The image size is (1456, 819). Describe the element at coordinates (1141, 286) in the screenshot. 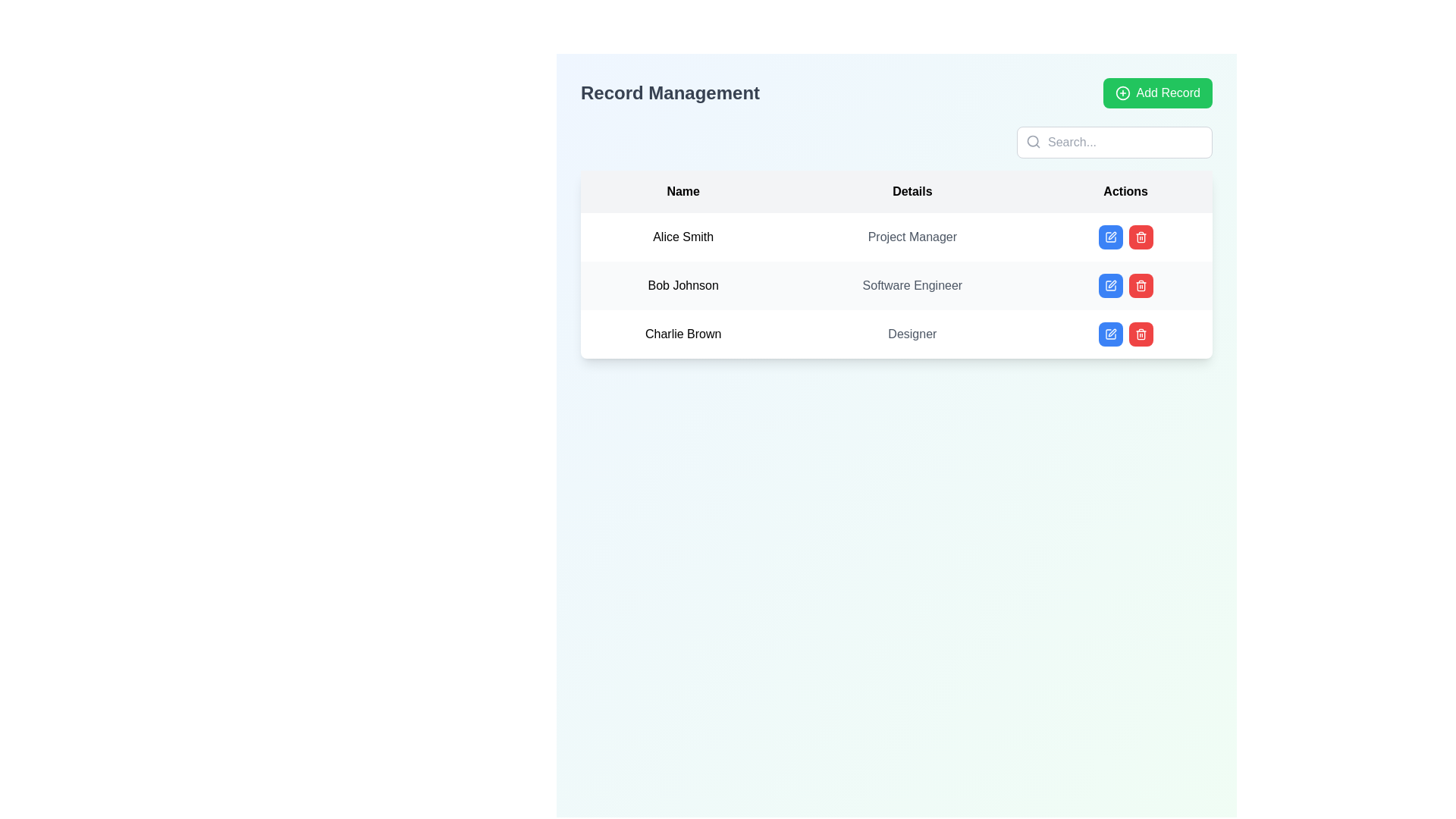

I see `the red button with a white trash bin icon located` at that location.